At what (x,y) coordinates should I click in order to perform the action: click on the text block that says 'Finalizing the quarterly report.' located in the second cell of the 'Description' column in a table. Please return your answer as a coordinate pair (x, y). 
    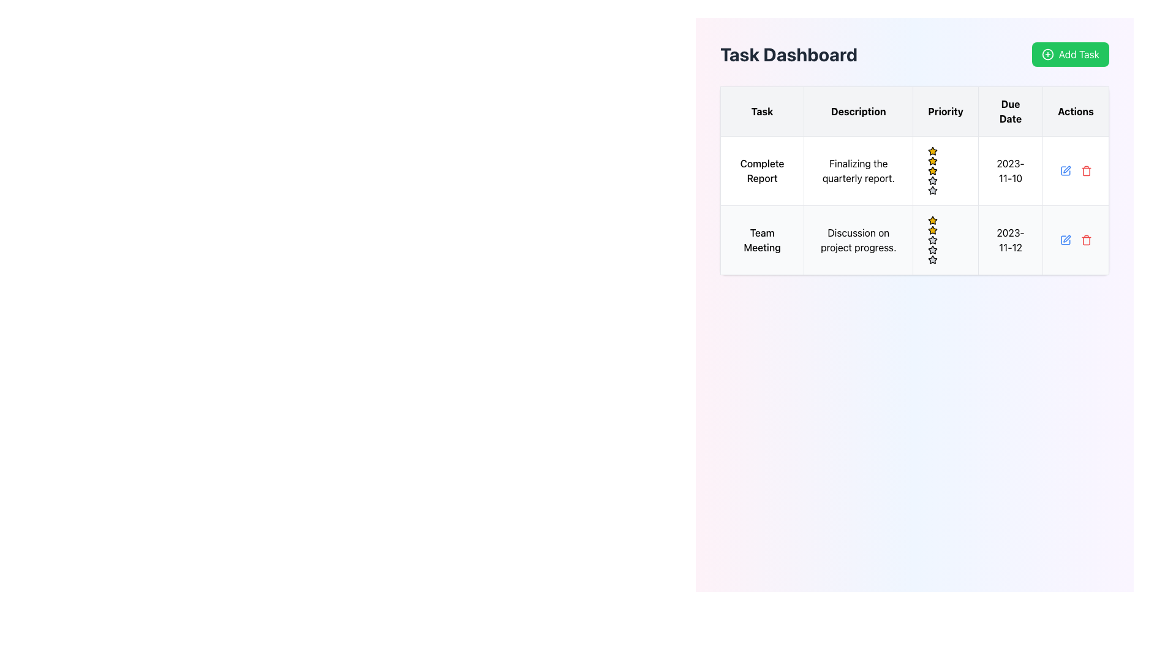
    Looking at the image, I should click on (858, 170).